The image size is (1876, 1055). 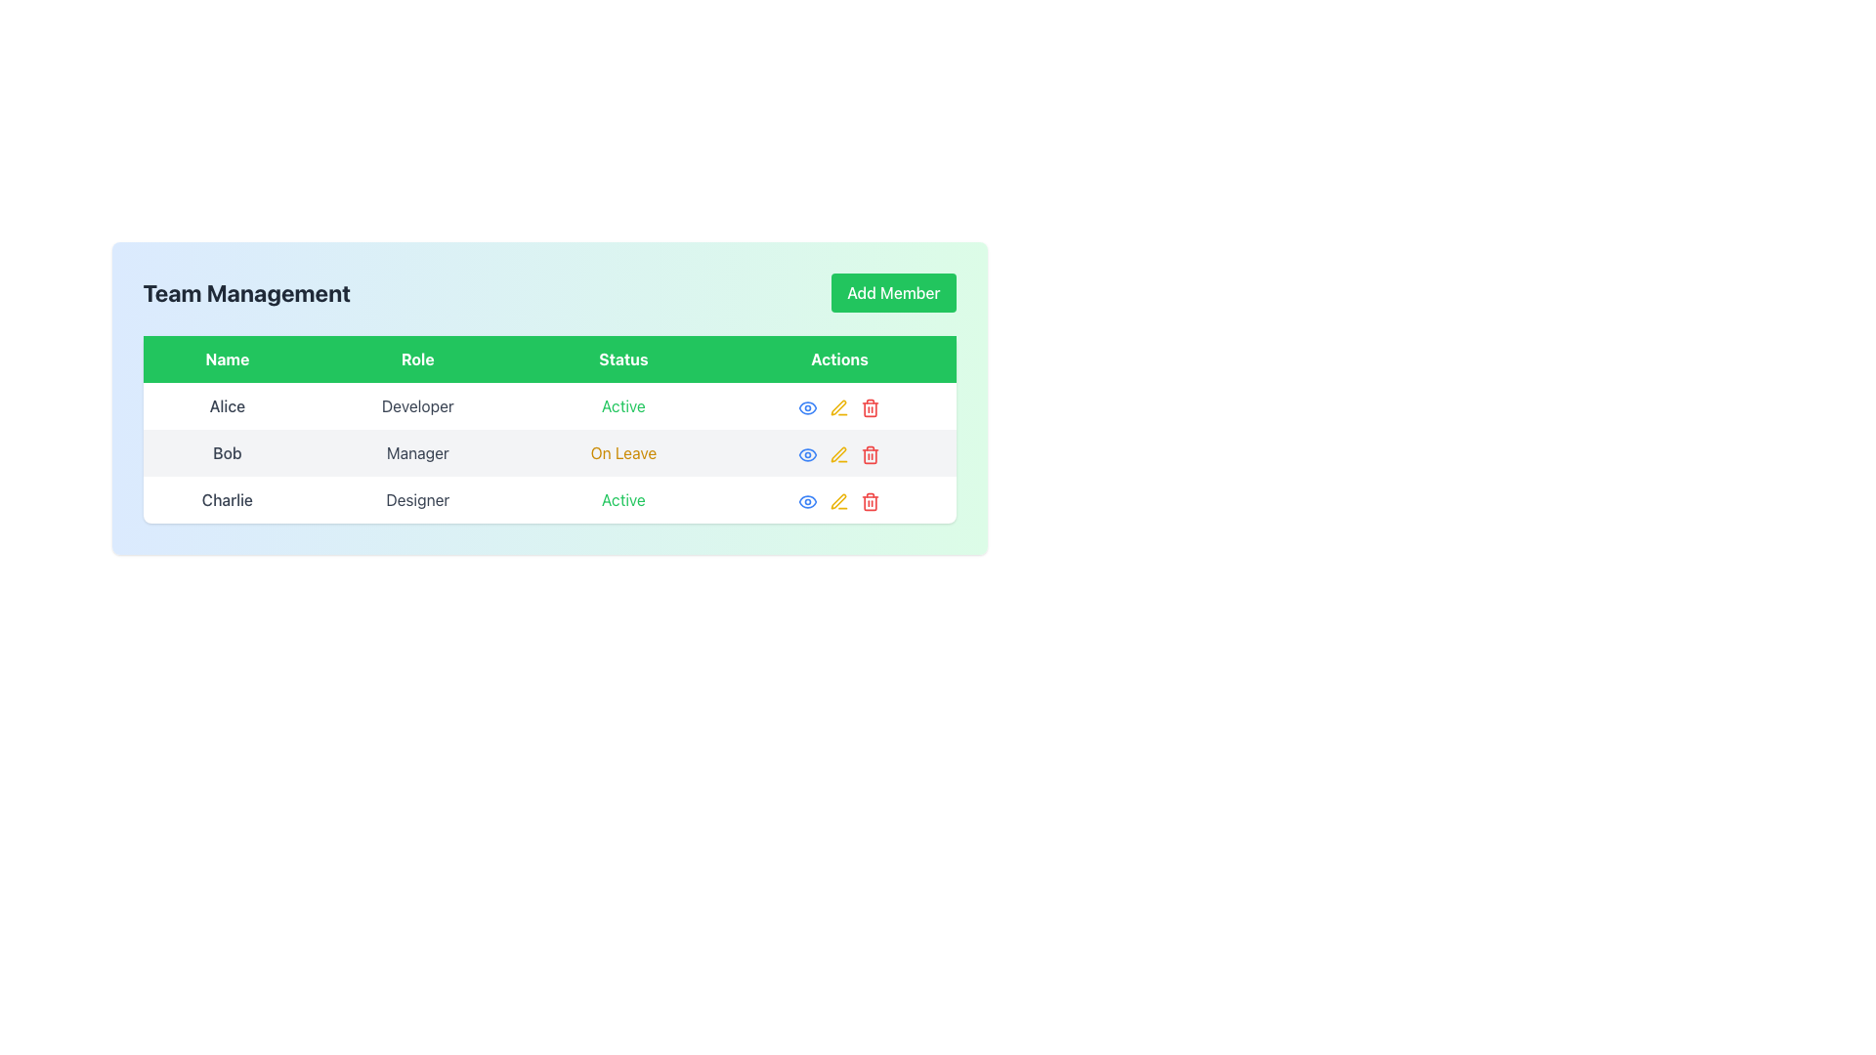 I want to click on the text label in the top-right corner of the table header row, which serves as a header for user actions like viewing, editing, or deleting entries, so click(x=839, y=359).